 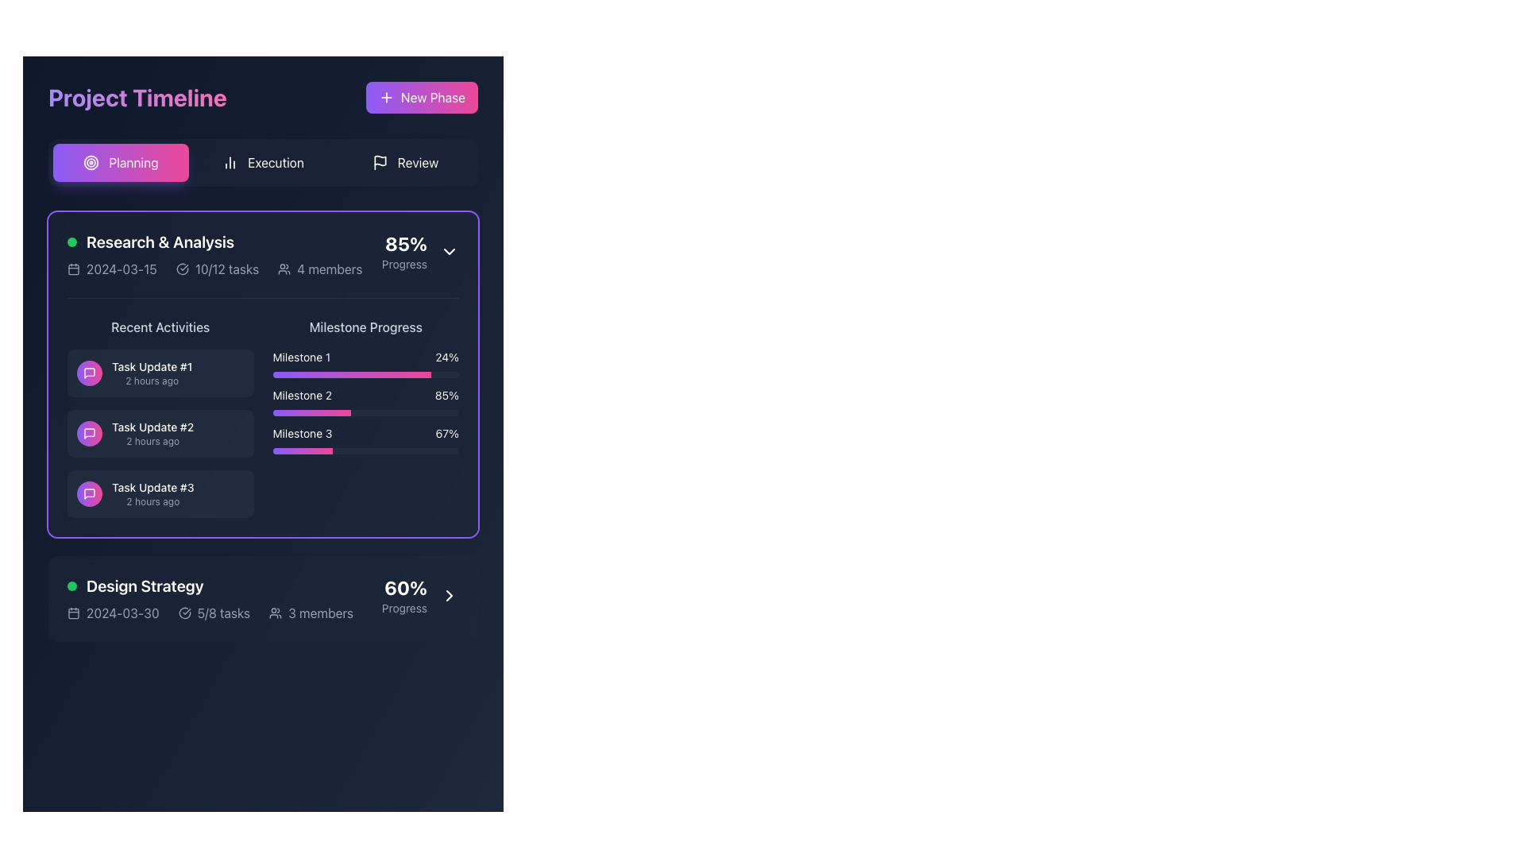 I want to click on the milestone text label indicating the progress associated with the milestone in the 'Research & Analysis' card under the 'Planning' tab for additional information, so click(x=302, y=434).